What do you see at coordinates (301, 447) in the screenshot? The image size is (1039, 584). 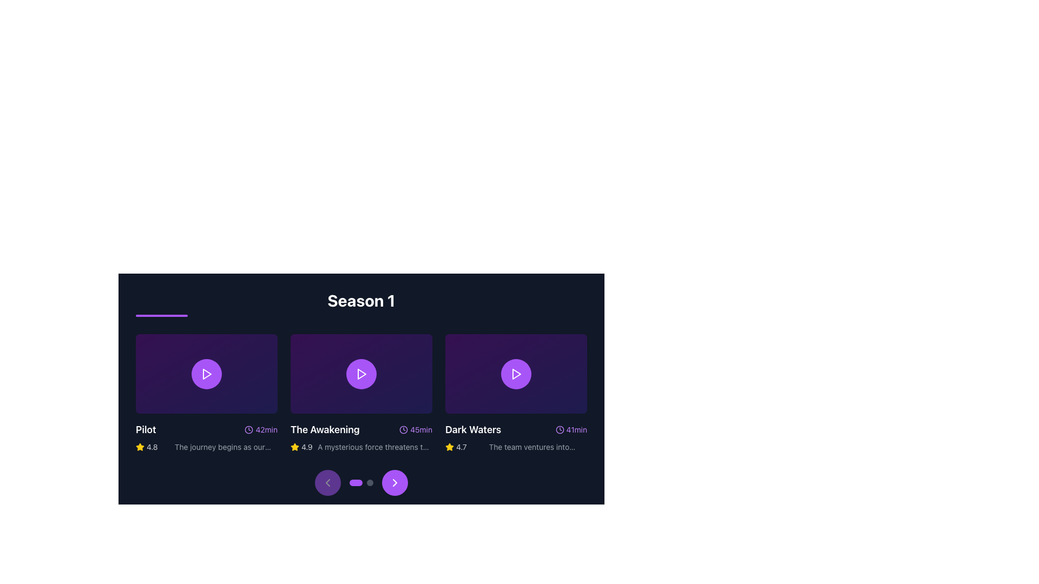 I see `the star icon of the Rating indicator located below the episode titled 'The Awakening', which displays the episode's average rating` at bounding box center [301, 447].